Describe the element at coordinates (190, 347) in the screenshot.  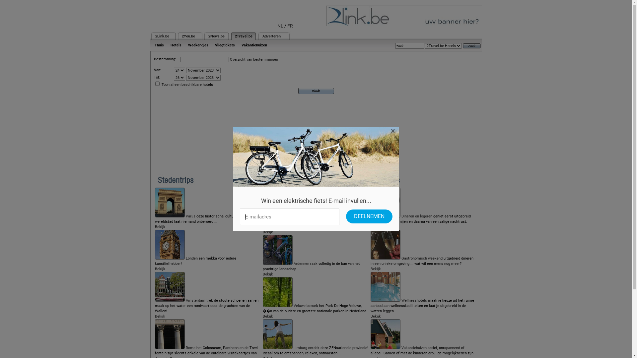
I see `'Rome'` at that location.